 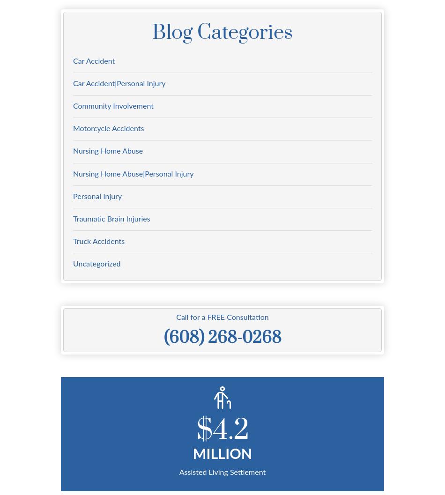 I want to click on 'Community Involvement', so click(x=112, y=106).